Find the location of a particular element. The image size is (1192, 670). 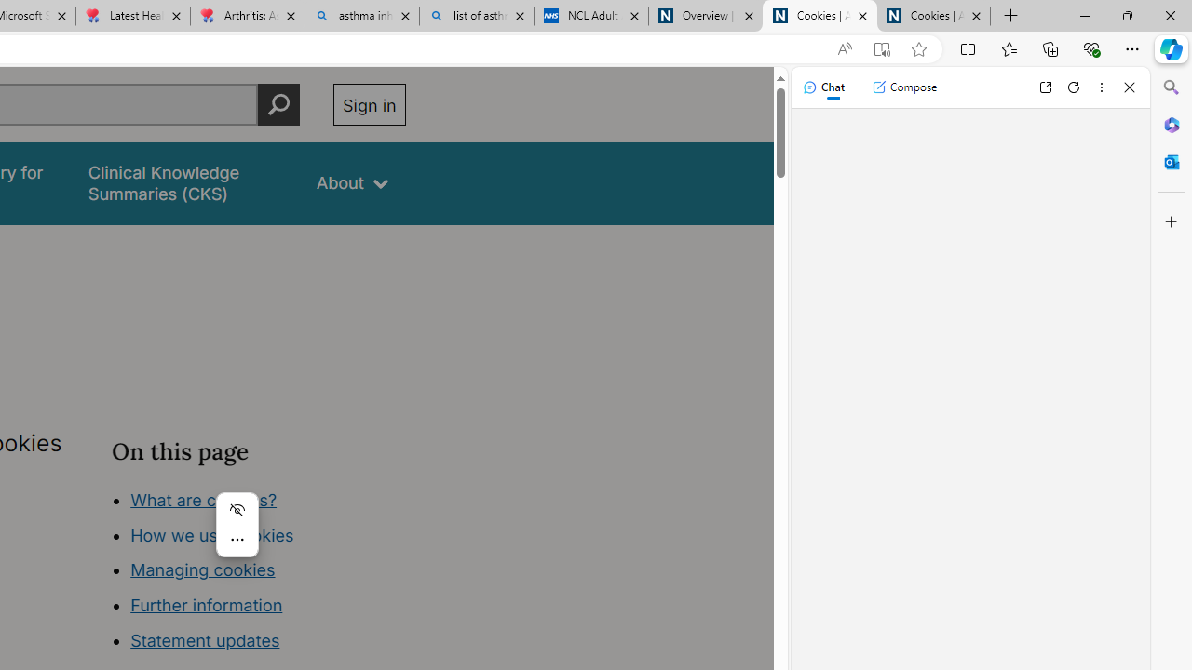

'About' is located at coordinates (352, 183).